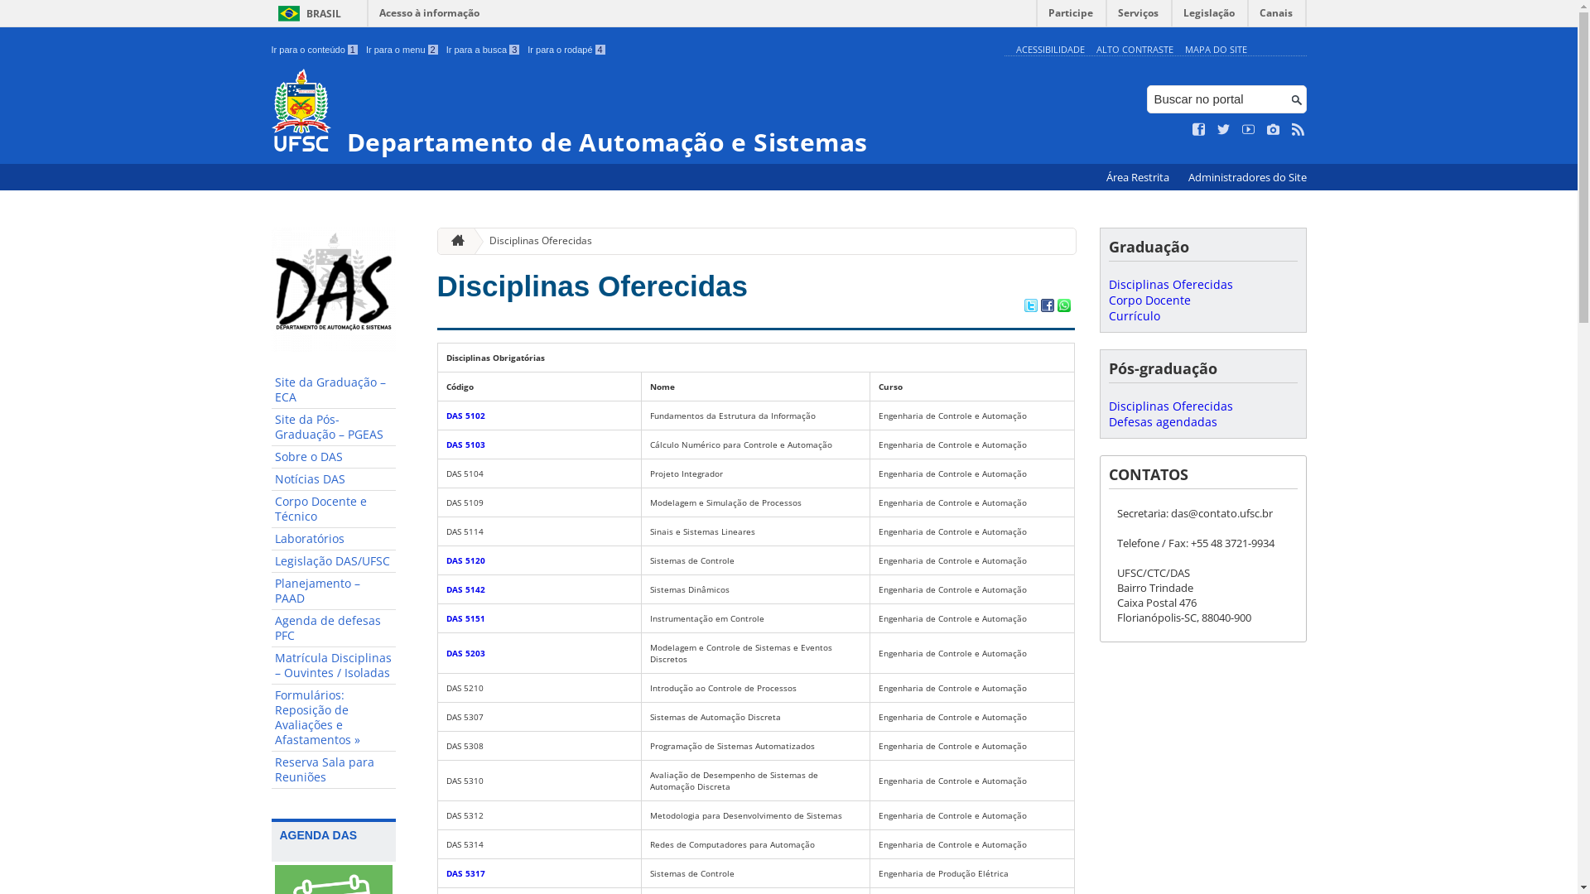  I want to click on 'Corpo Docente', so click(1148, 300).